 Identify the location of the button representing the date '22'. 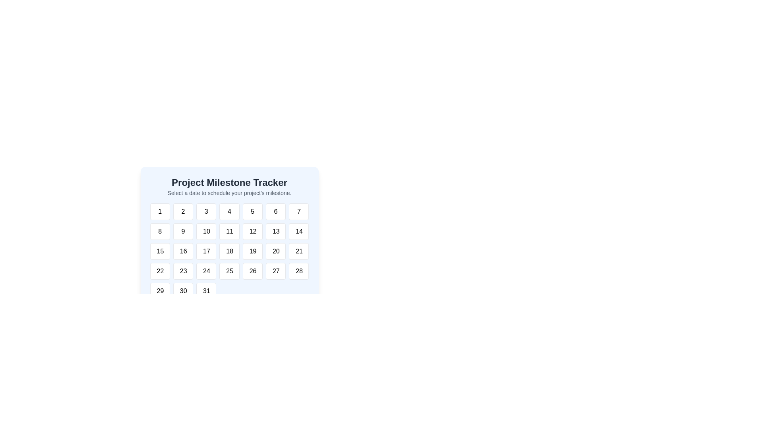
(159, 271).